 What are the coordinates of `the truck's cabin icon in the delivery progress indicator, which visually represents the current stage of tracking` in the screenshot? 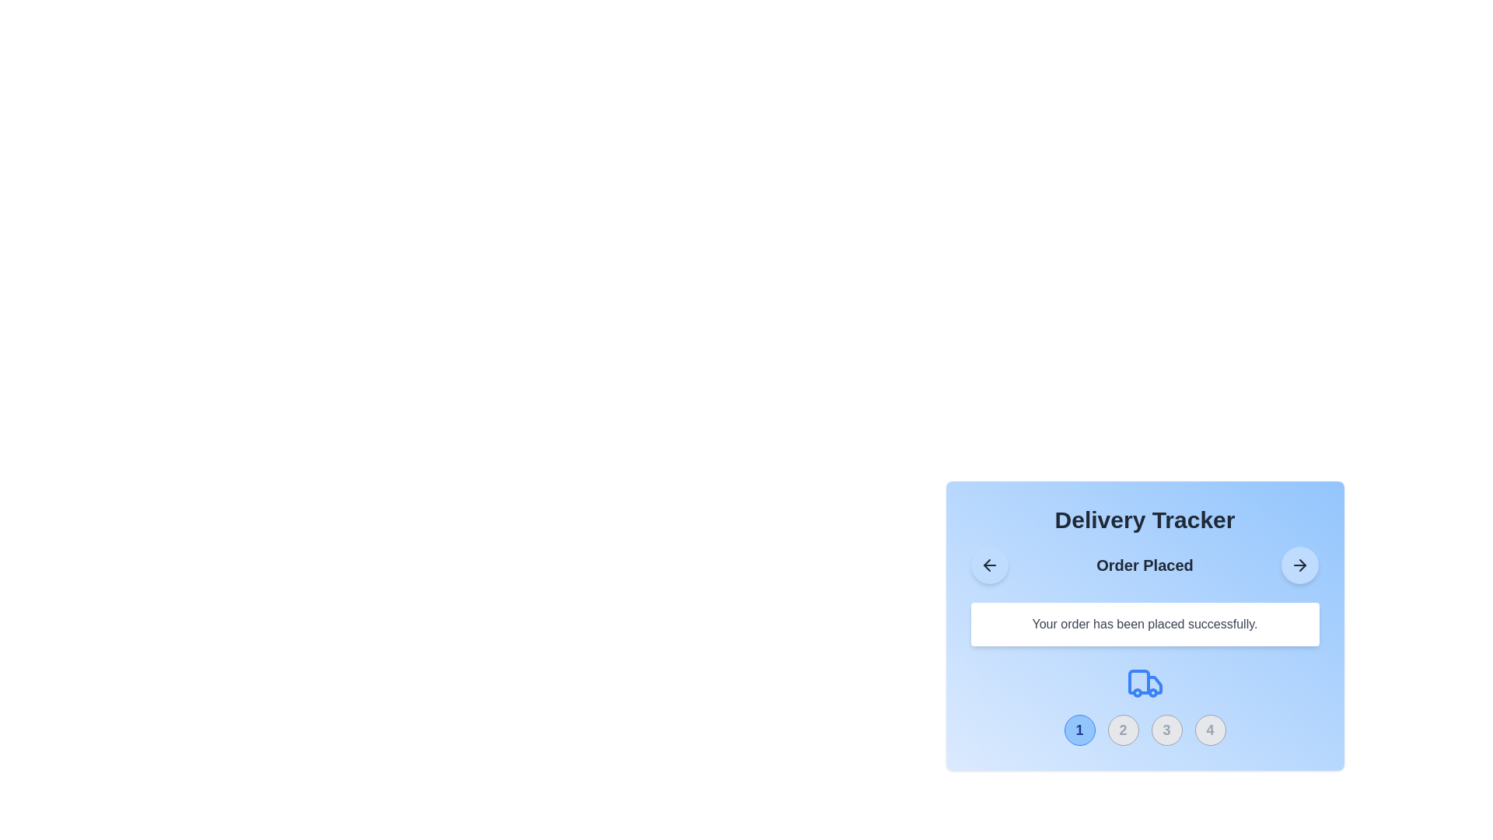 It's located at (1138, 681).